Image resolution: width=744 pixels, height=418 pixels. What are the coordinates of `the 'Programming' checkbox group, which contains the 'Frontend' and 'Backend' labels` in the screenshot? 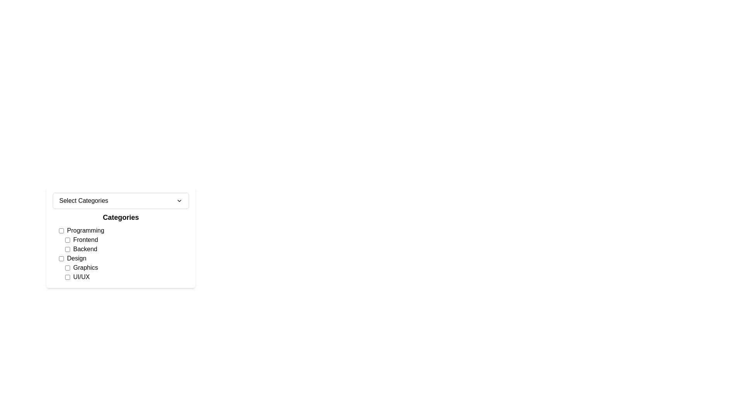 It's located at (124, 240).